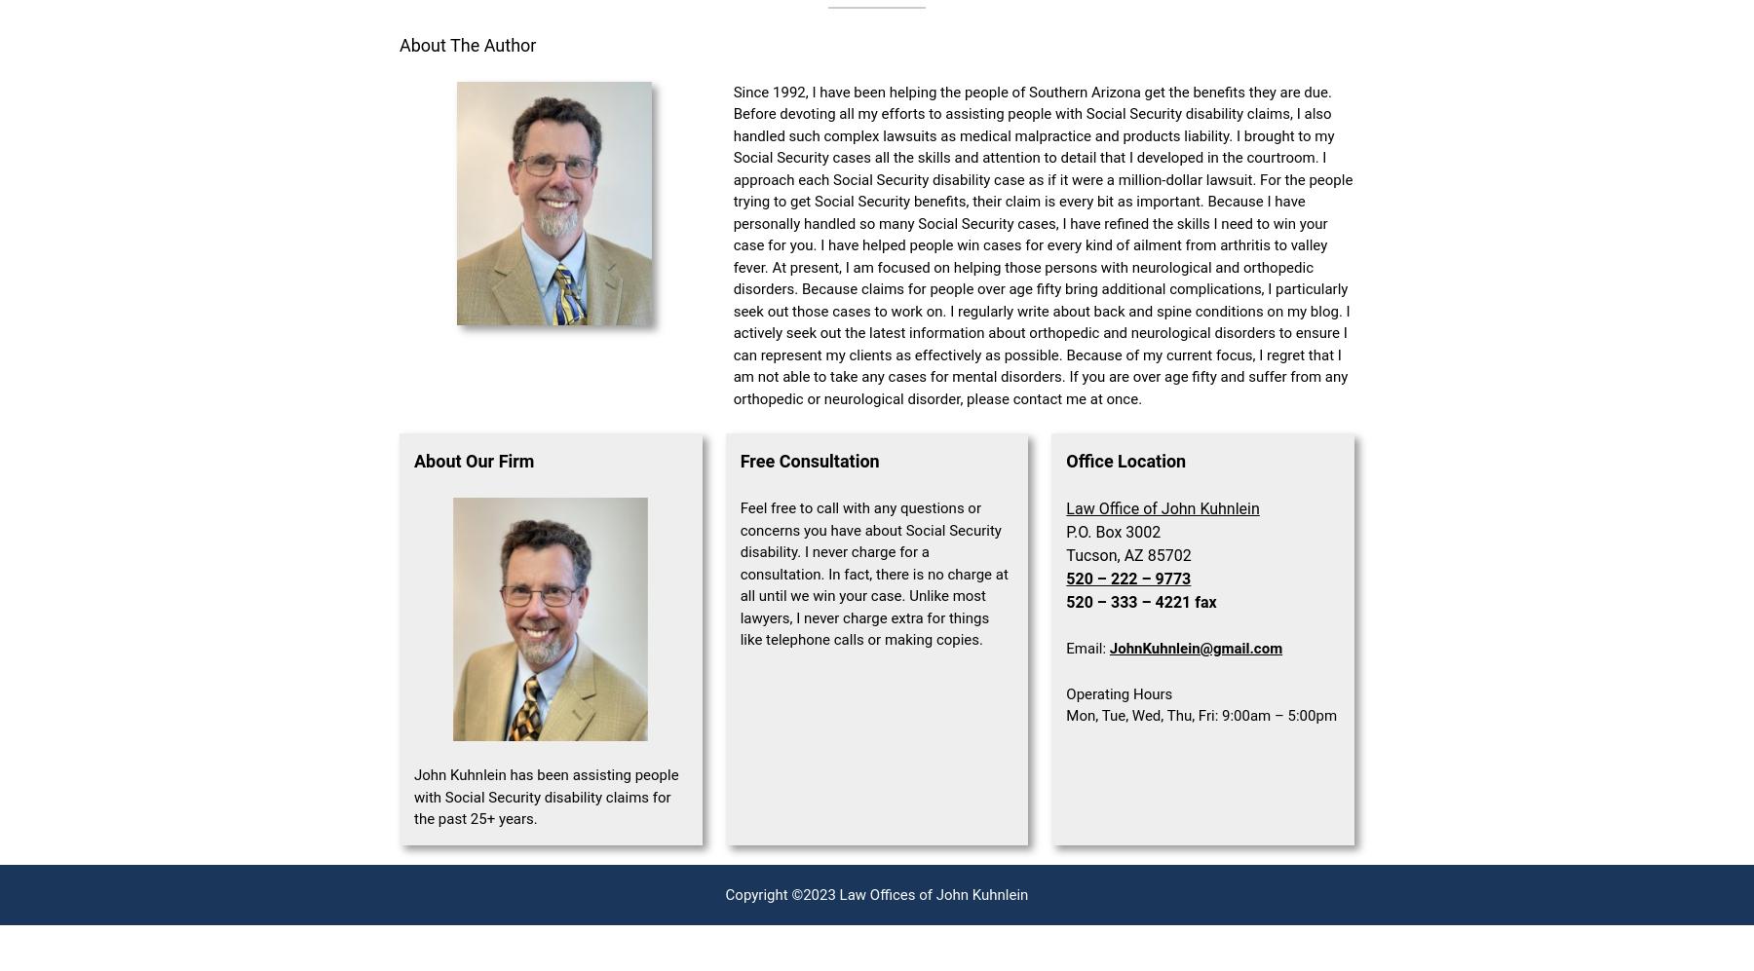 The image size is (1754, 971). Describe the element at coordinates (467, 44) in the screenshot. I see `'About The Author'` at that location.